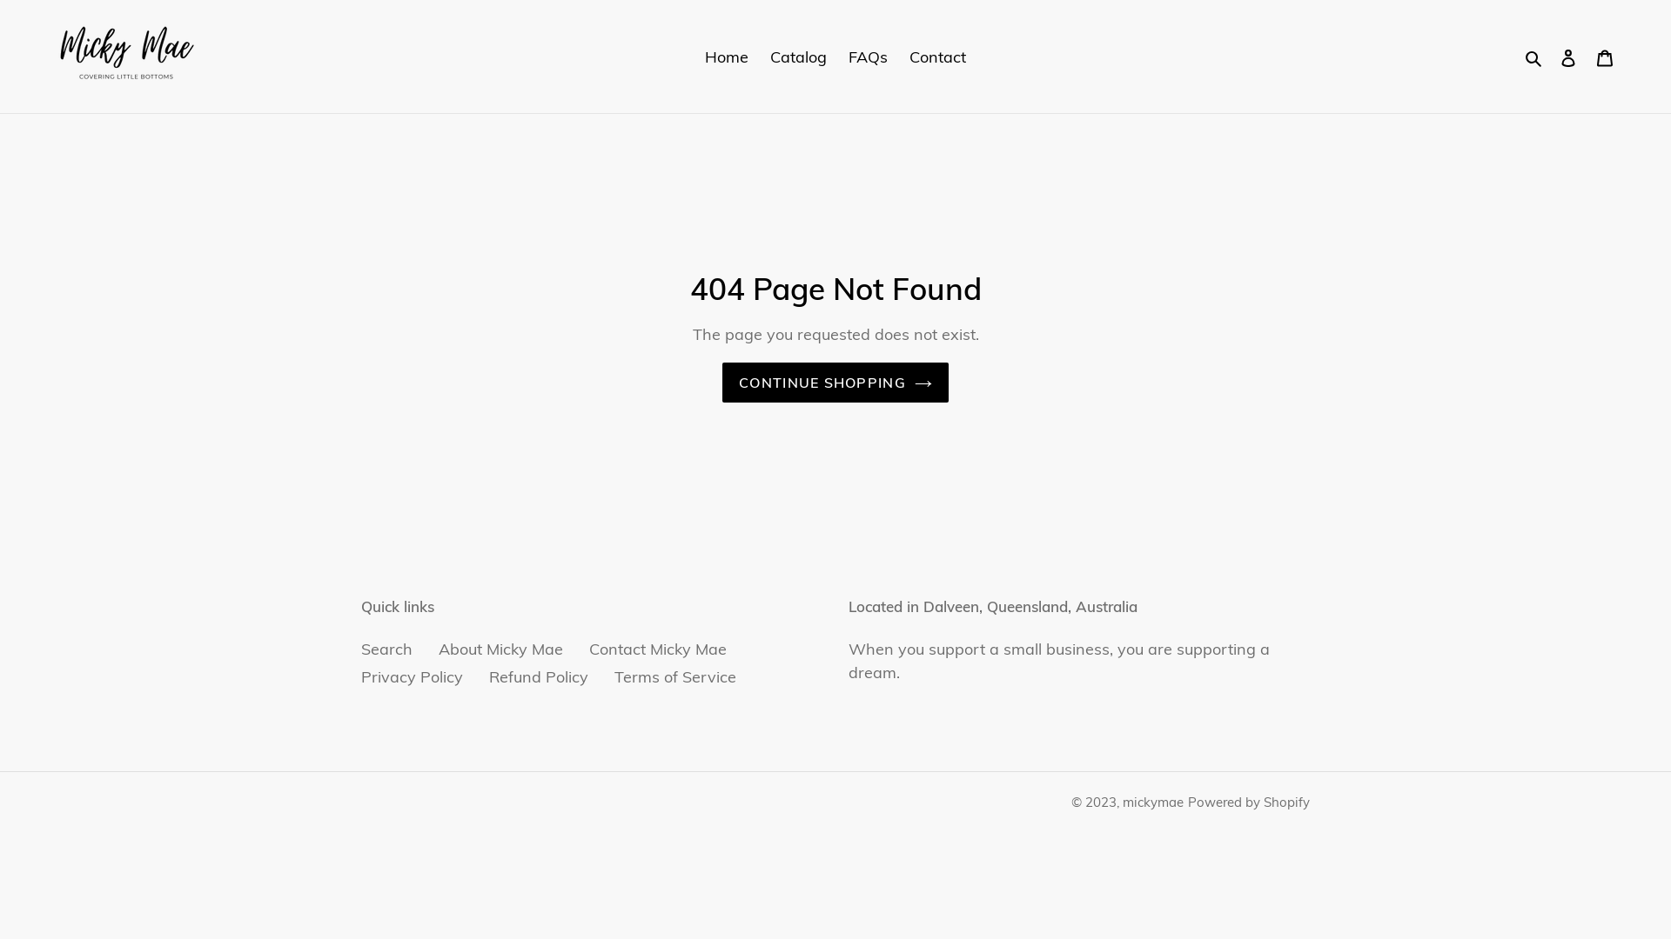 The width and height of the screenshot is (1671, 939). I want to click on 'Catalog', so click(797, 55).